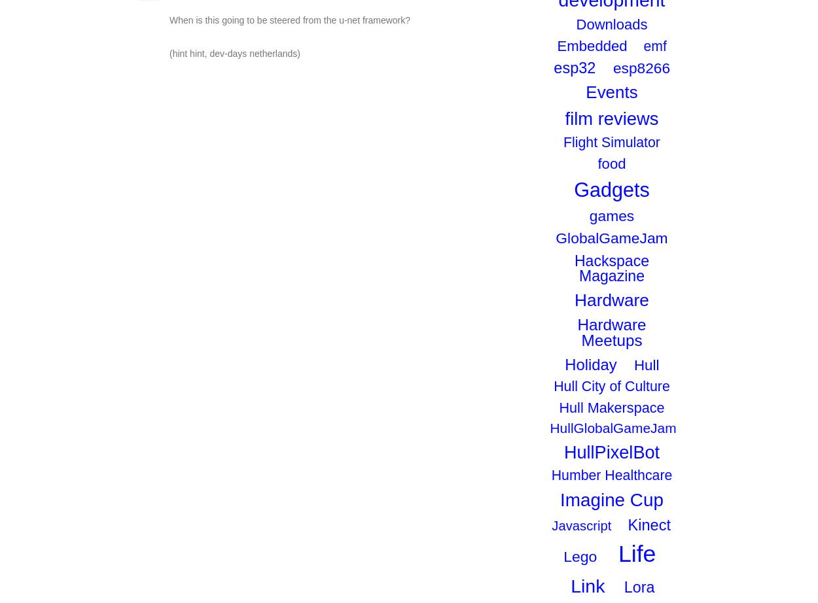  Describe the element at coordinates (611, 332) in the screenshot. I see `'Hardware Meetups'` at that location.